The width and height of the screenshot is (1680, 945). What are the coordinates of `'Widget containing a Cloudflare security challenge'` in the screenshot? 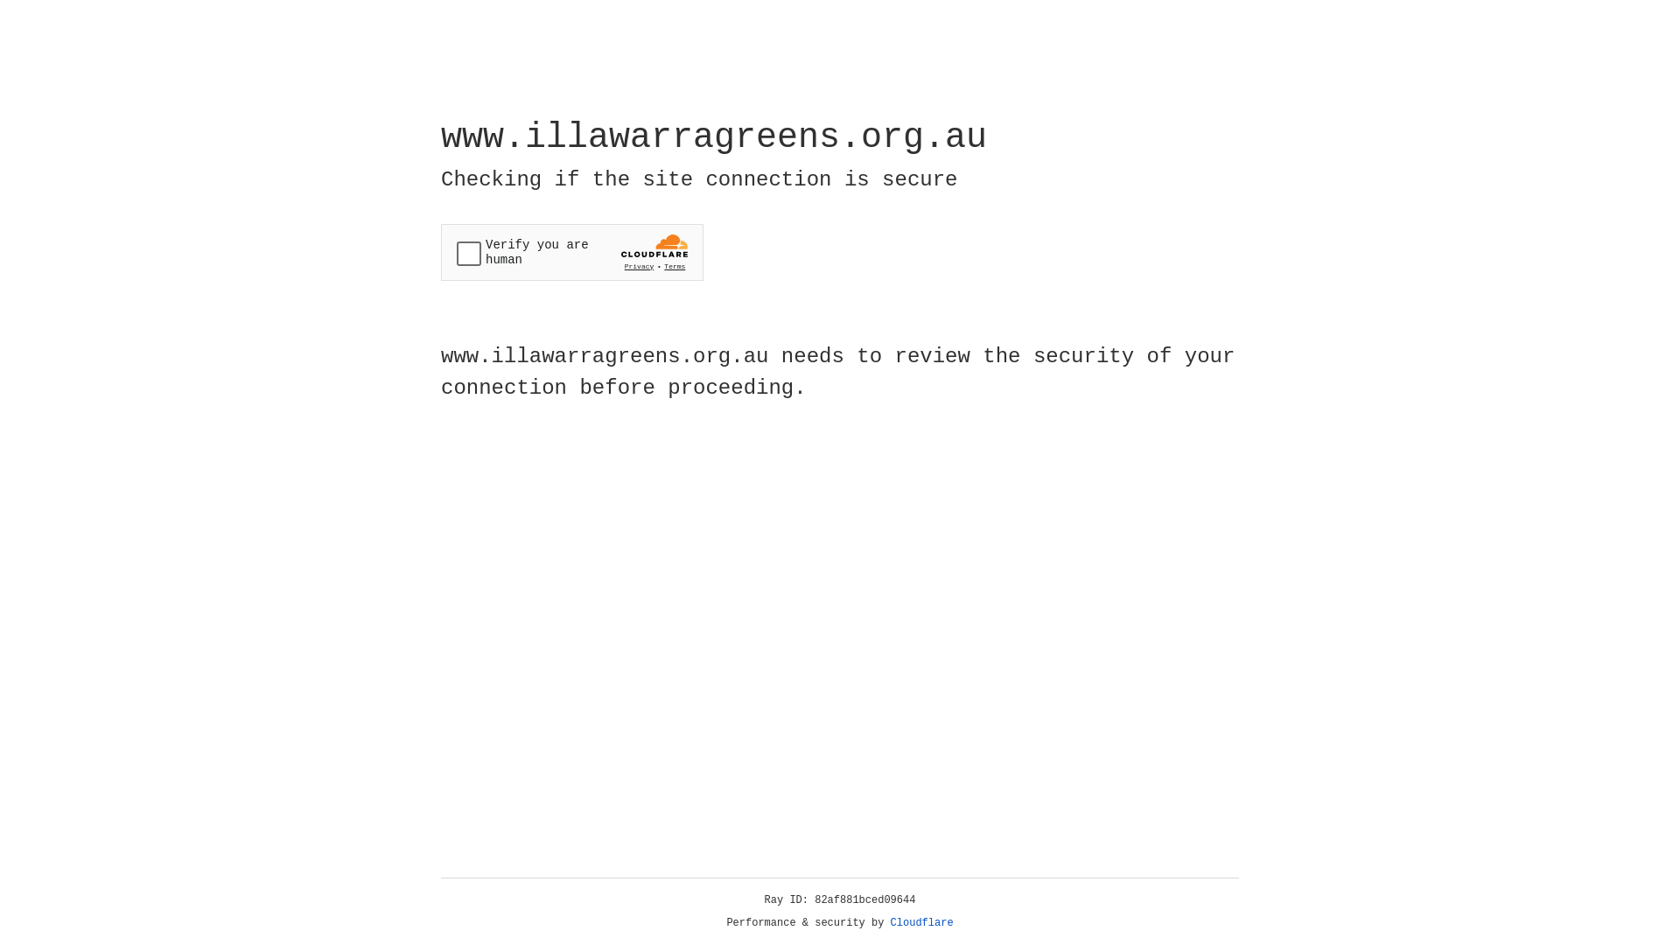 It's located at (571, 252).